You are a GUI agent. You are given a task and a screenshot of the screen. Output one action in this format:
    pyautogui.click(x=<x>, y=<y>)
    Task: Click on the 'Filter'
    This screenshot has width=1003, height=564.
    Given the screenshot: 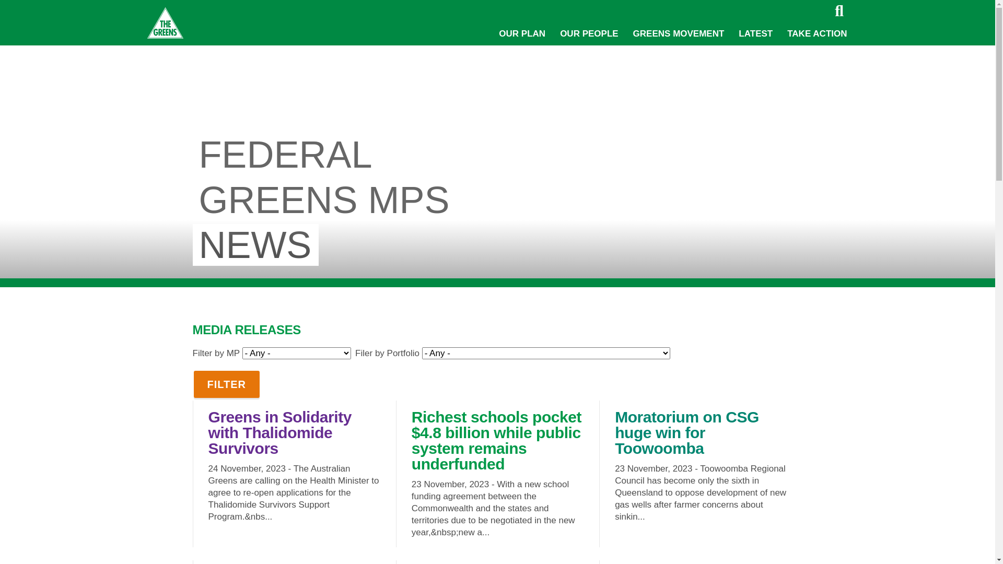 What is the action you would take?
    pyautogui.click(x=226, y=384)
    